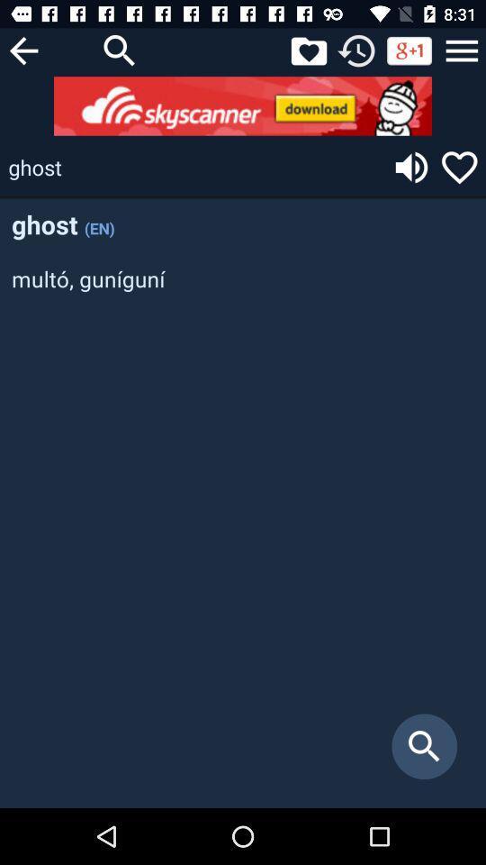  What do you see at coordinates (22, 50) in the screenshot?
I see `the arrow_backward icon` at bounding box center [22, 50].